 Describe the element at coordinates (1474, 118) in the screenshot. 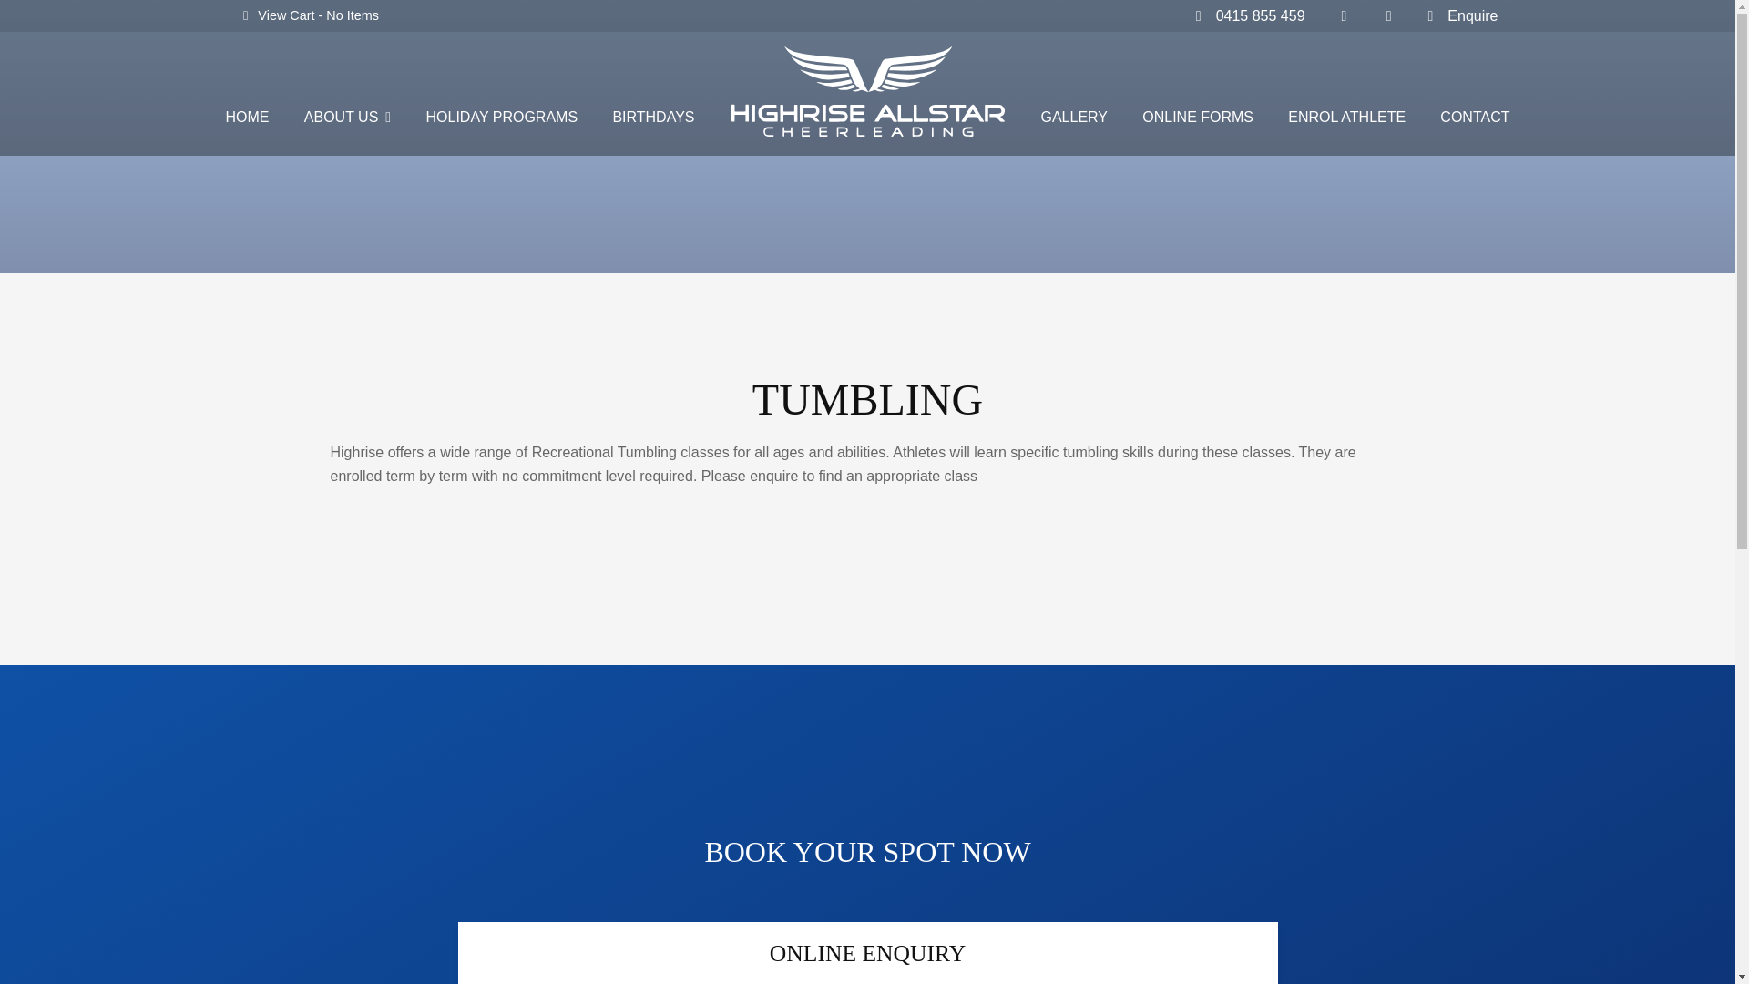

I see `'CONTACT'` at that location.